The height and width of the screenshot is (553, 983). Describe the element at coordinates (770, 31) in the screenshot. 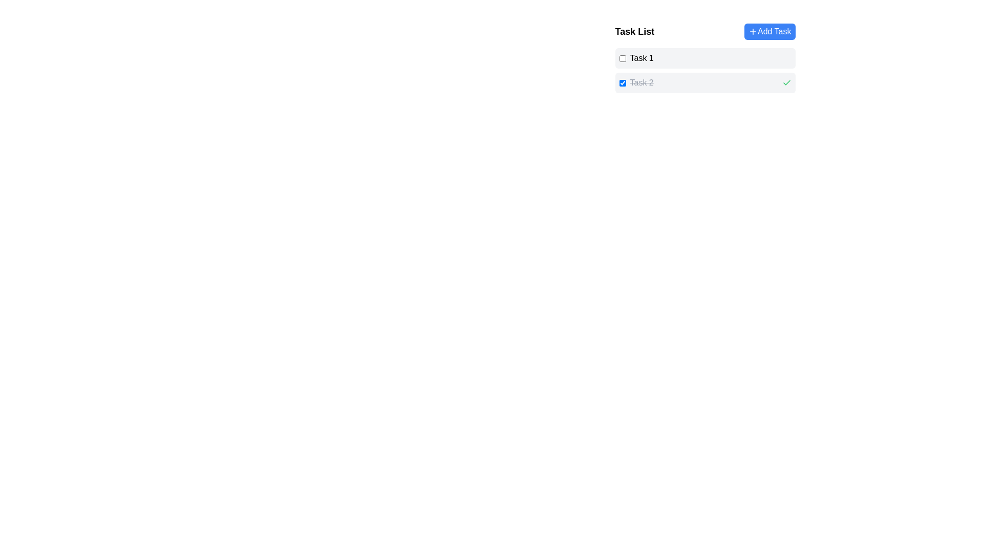

I see `the button located to the far-right of the header bar in the 'Task List' section` at that location.